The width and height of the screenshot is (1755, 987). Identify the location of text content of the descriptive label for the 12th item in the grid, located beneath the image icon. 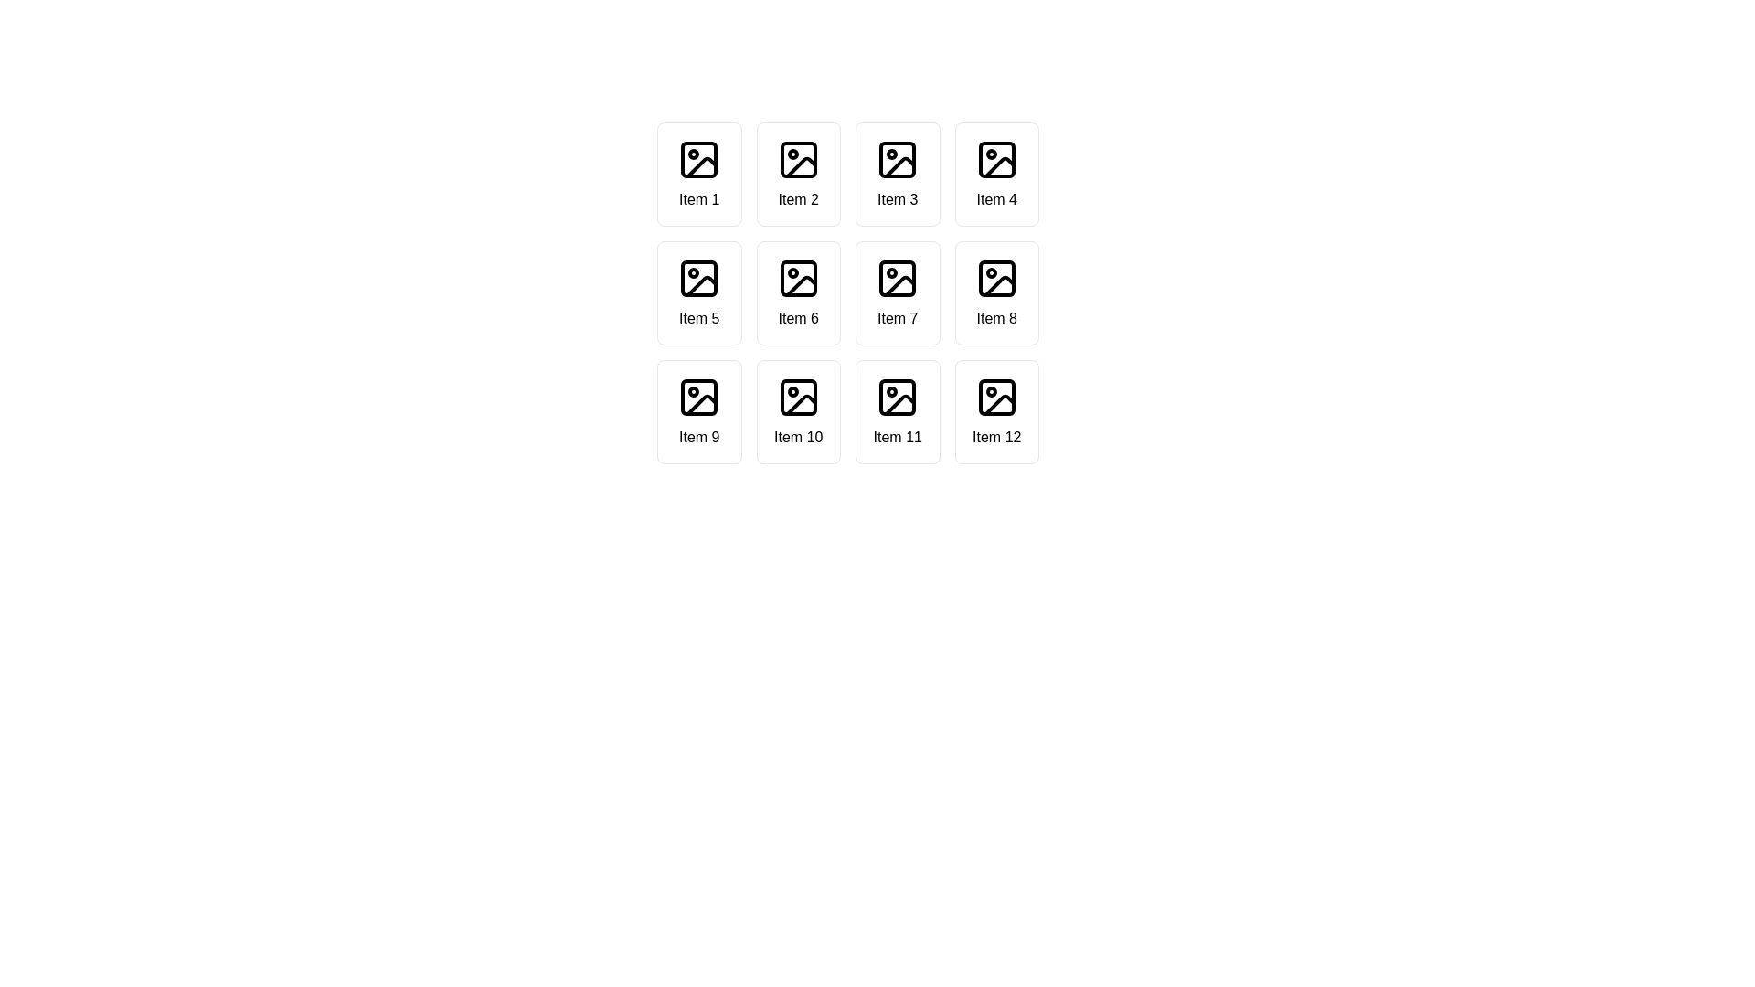
(995, 437).